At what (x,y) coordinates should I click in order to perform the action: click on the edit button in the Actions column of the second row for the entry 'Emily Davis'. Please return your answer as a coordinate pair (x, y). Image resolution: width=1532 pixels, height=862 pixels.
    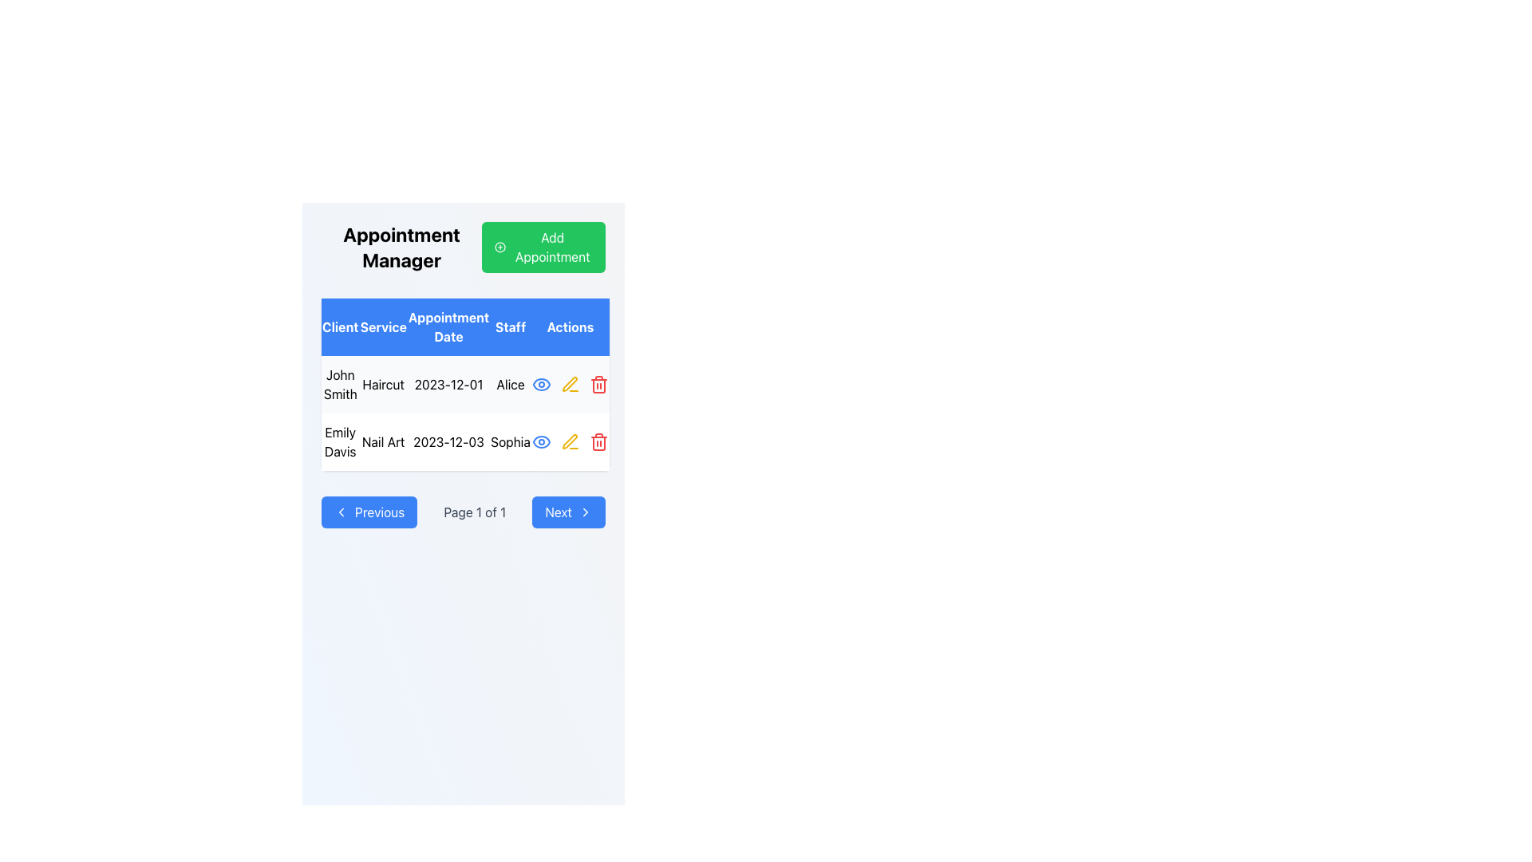
    Looking at the image, I should click on (570, 442).